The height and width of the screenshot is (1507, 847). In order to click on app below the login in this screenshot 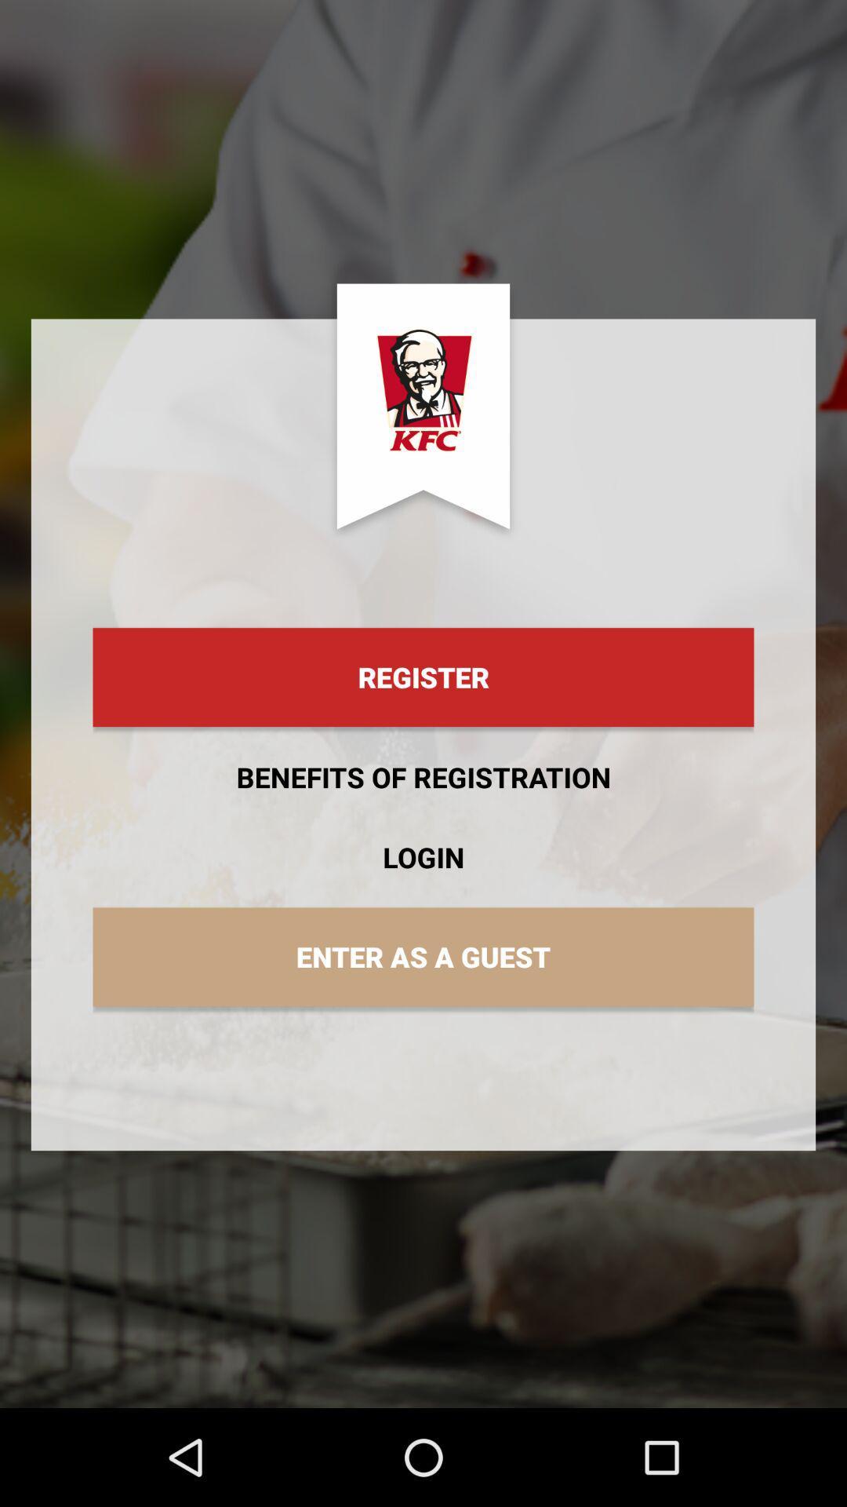, I will do `click(423, 956)`.